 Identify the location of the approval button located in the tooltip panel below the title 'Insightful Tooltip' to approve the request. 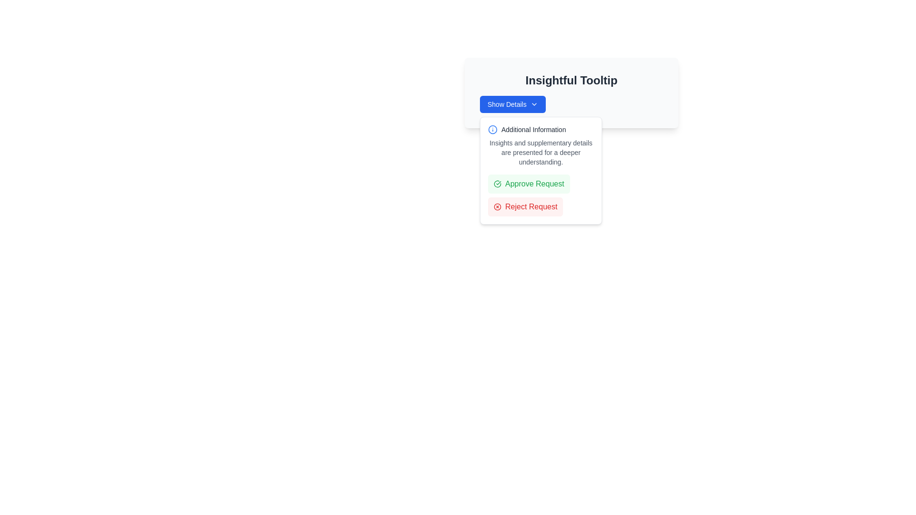
(528, 184).